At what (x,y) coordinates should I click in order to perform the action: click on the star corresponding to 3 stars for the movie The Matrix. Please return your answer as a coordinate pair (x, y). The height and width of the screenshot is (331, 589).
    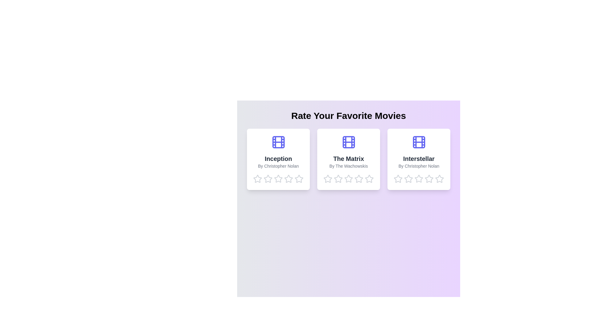
    Looking at the image, I should click on (348, 179).